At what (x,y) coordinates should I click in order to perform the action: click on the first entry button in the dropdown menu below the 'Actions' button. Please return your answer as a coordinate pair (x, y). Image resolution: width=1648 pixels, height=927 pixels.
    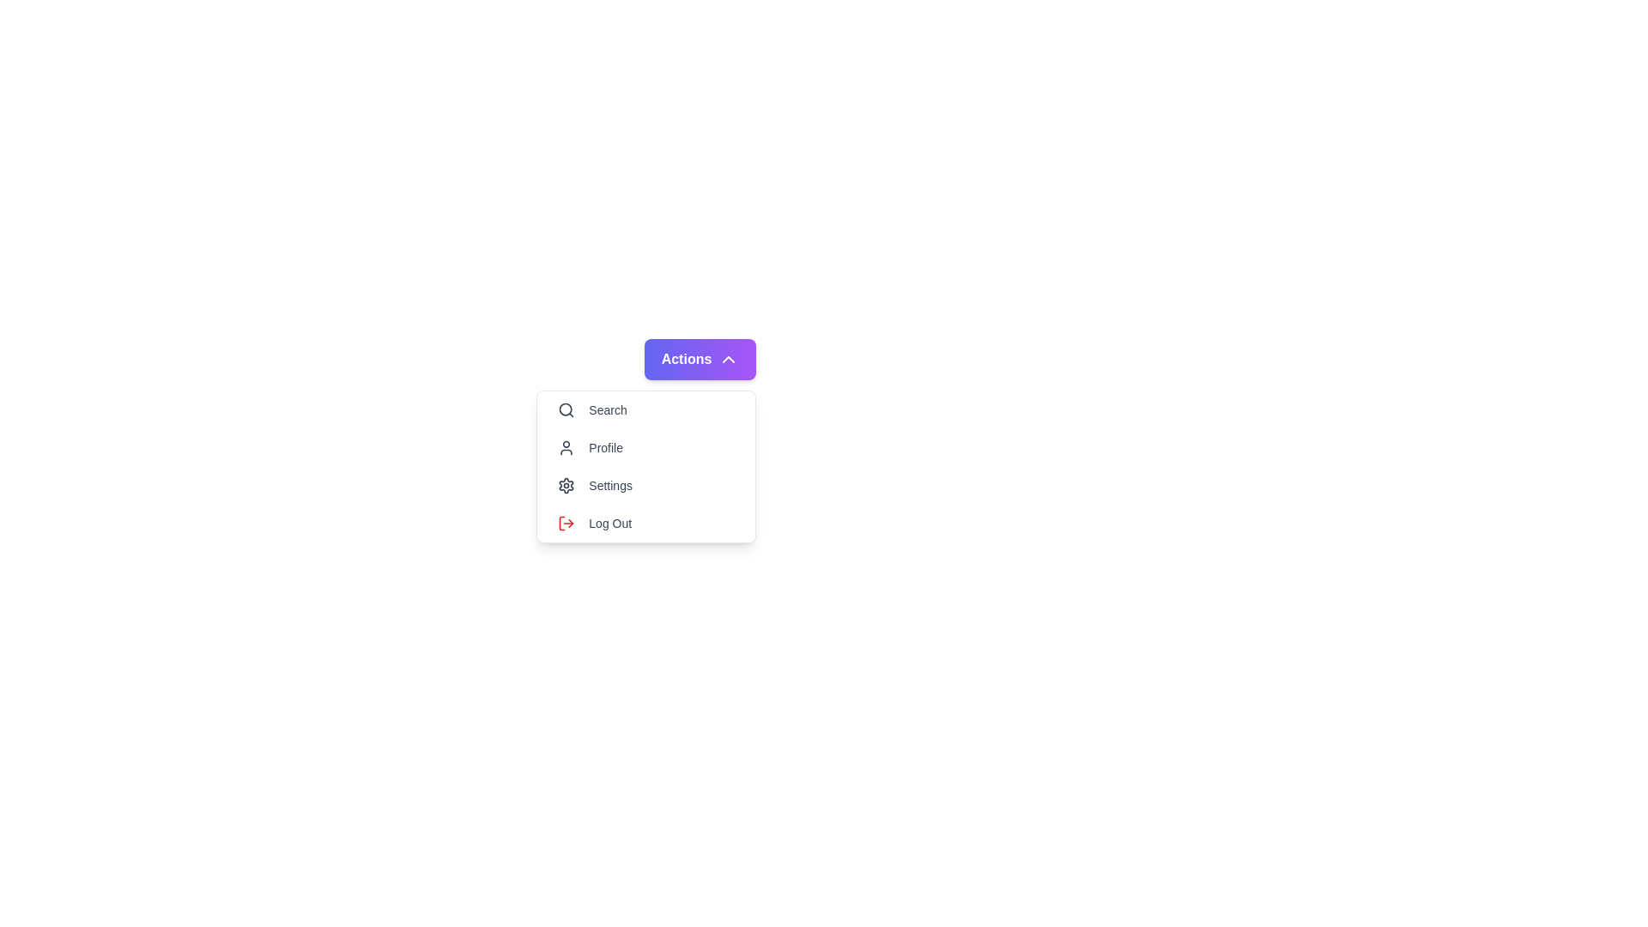
    Looking at the image, I should click on (645, 410).